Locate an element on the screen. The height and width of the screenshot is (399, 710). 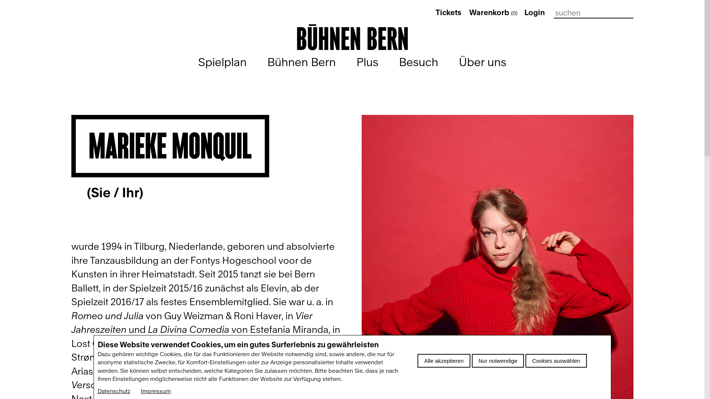
'Alle akzeptieren' is located at coordinates (444, 360).